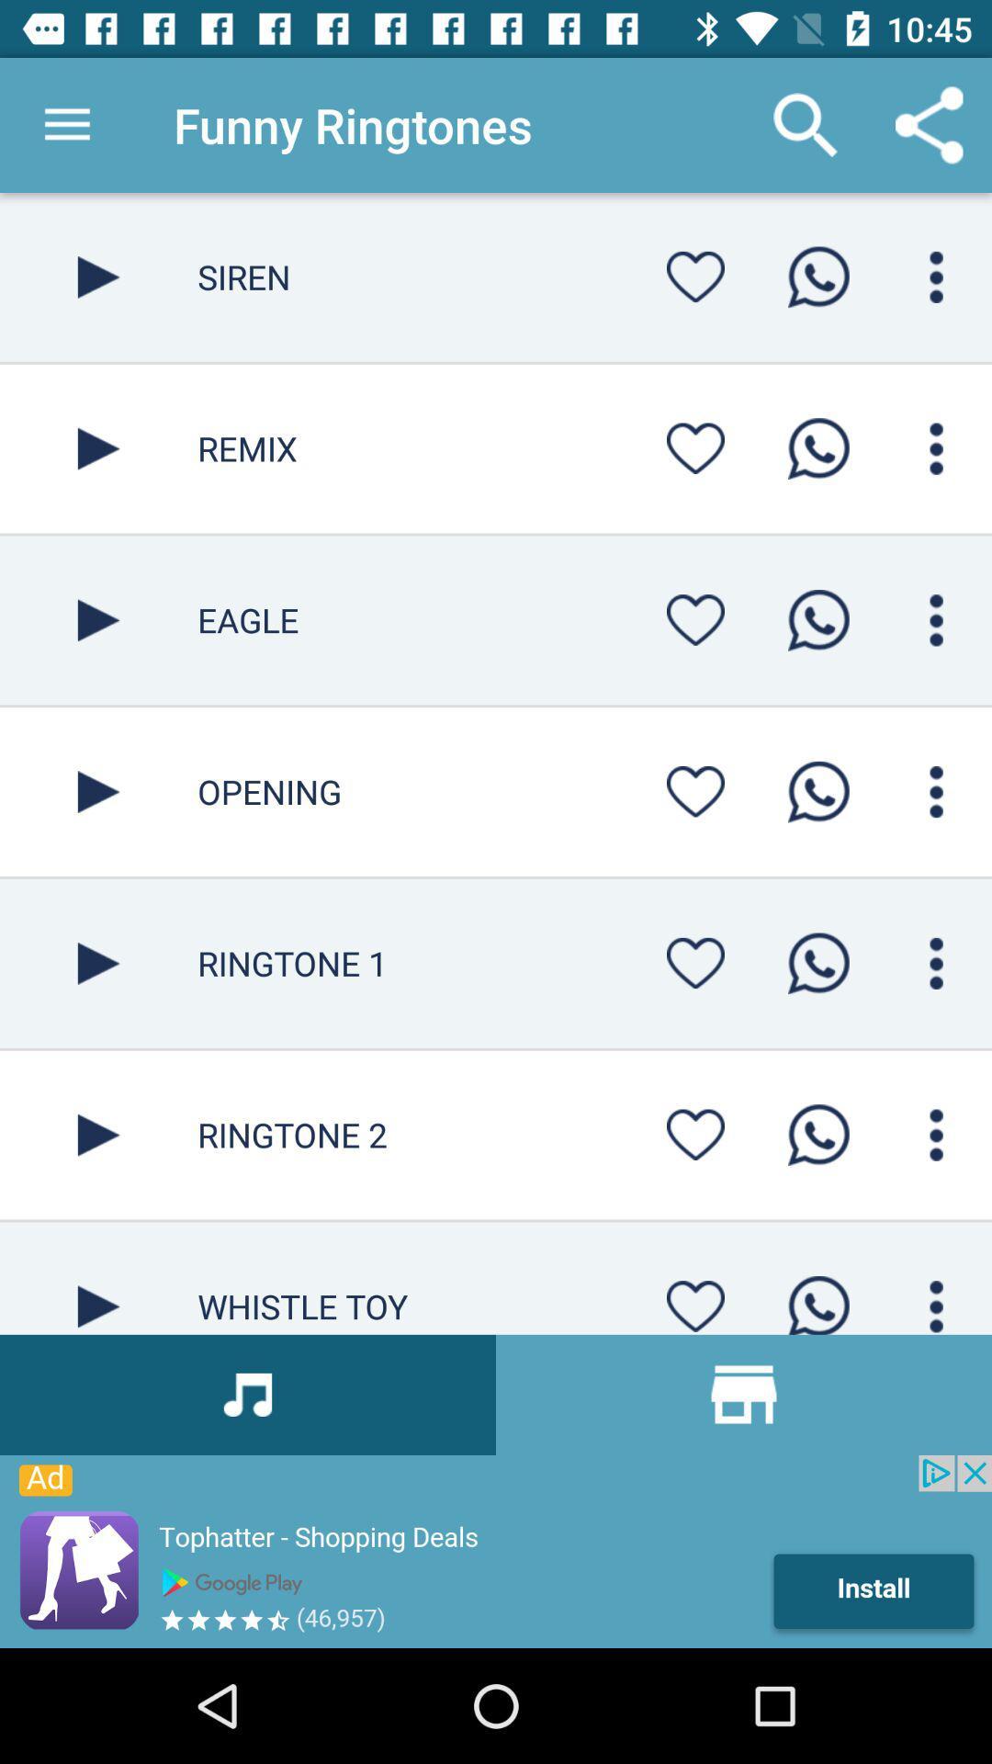 Image resolution: width=992 pixels, height=1764 pixels. Describe the element at coordinates (695, 962) in the screenshot. I see `like button` at that location.